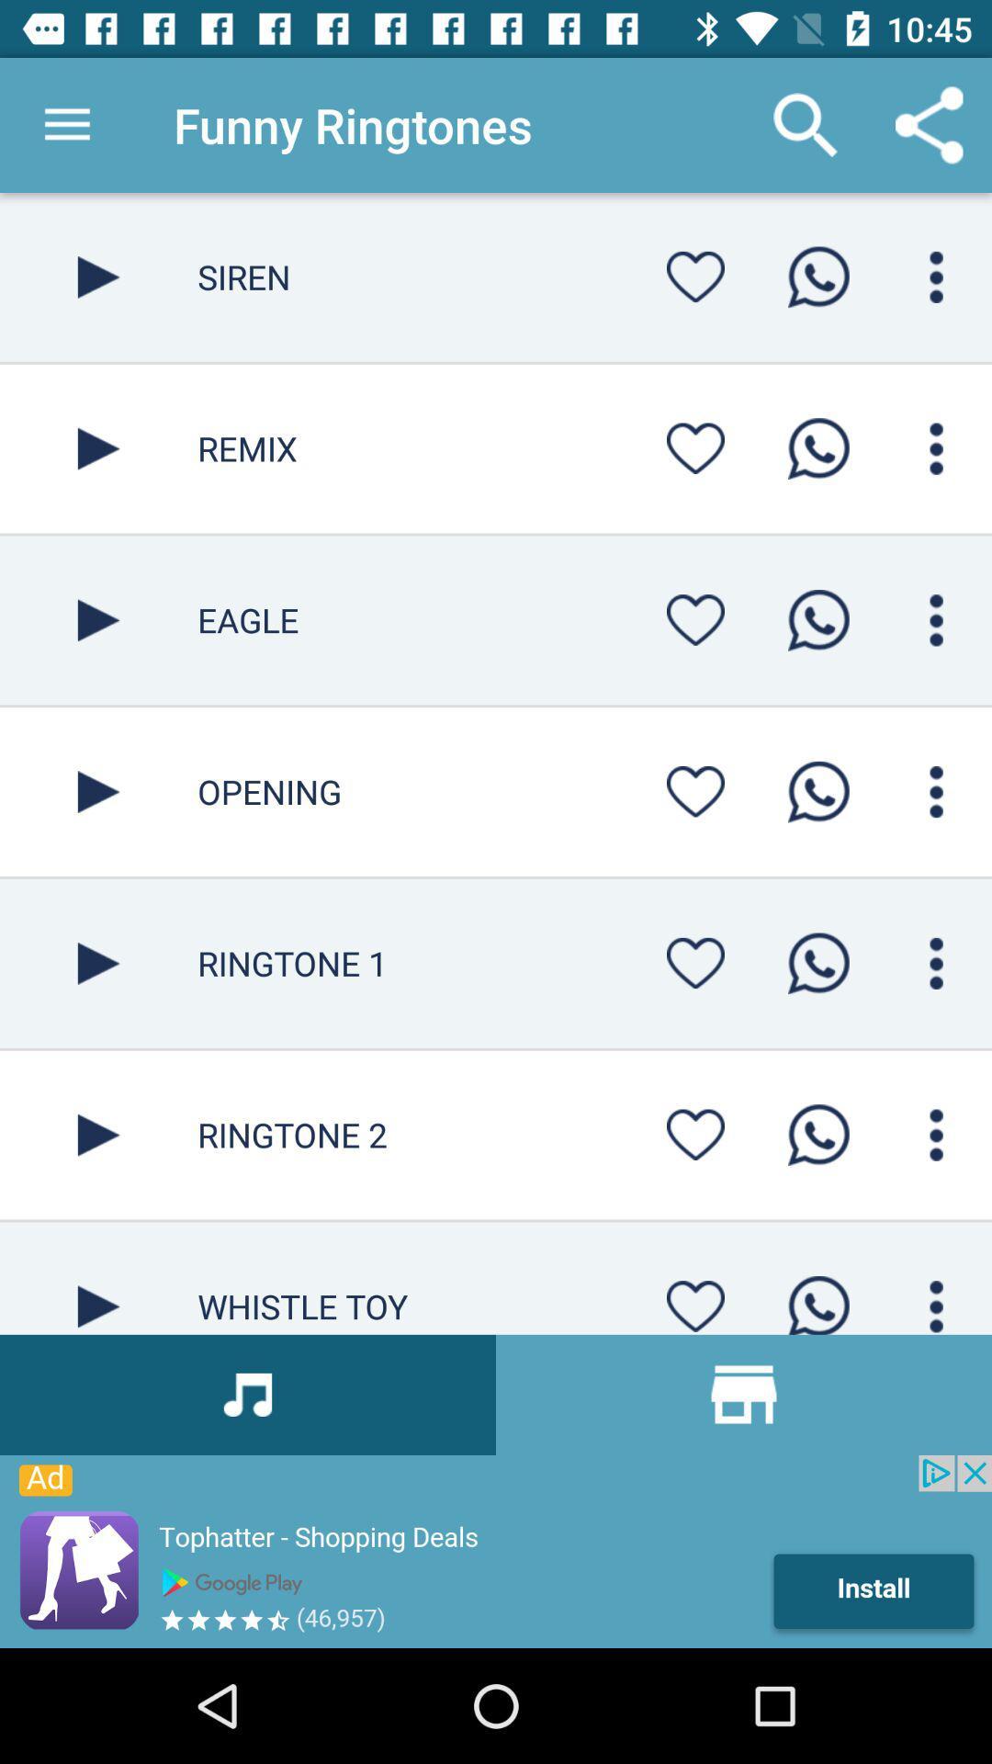 Image resolution: width=992 pixels, height=1764 pixels. Describe the element at coordinates (695, 962) in the screenshot. I see `like button` at that location.